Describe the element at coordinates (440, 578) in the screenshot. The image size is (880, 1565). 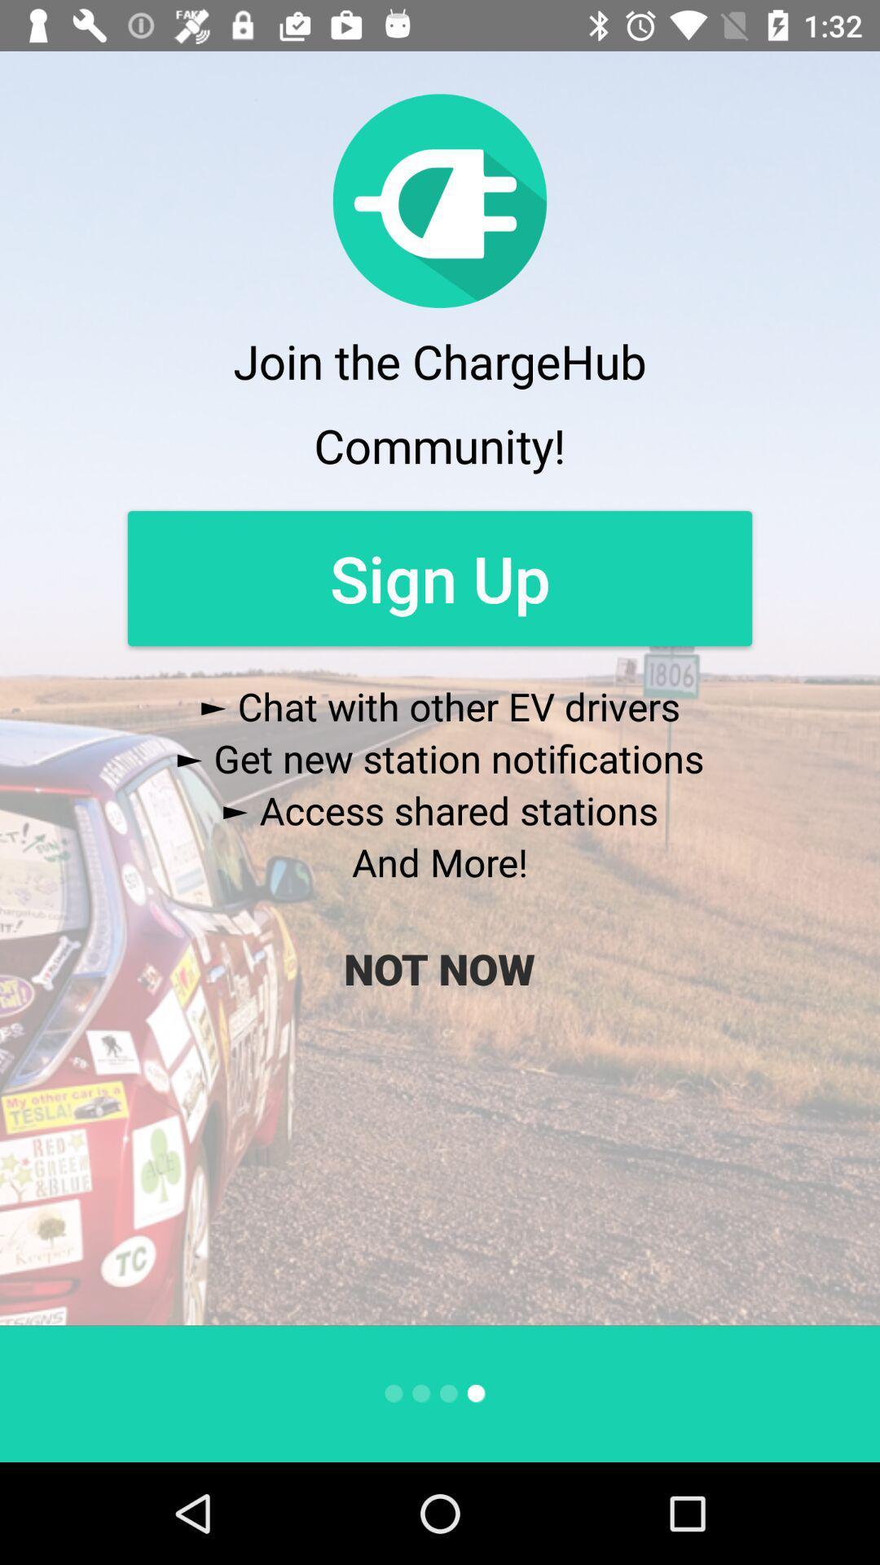
I see `icon below community!` at that location.